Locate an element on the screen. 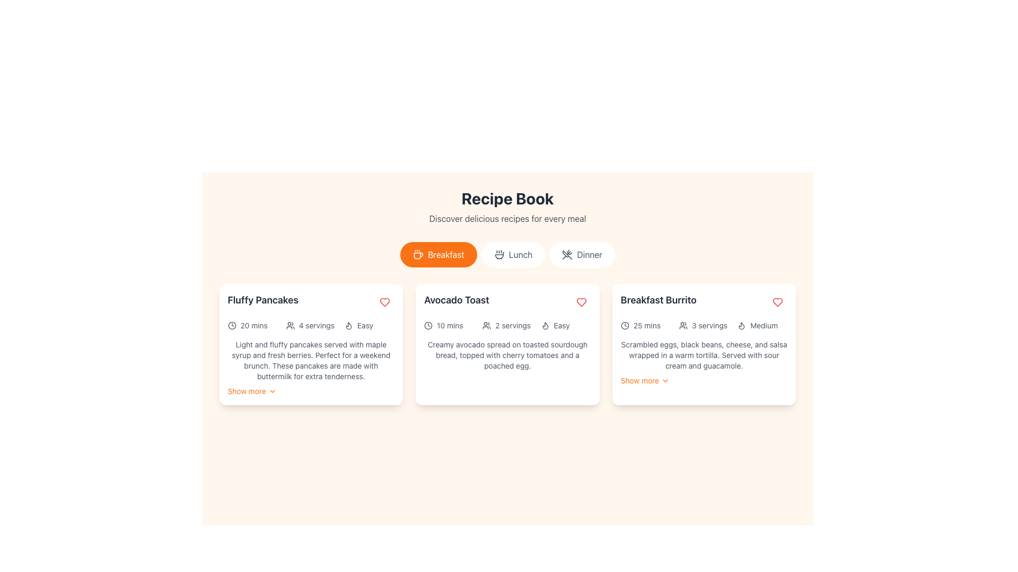 This screenshot has height=572, width=1018. the icons in the informational text group of the 'Avocado Toast' recipe card, located in the middle section, just below the title and above the recipe description is located at coordinates (507, 325).